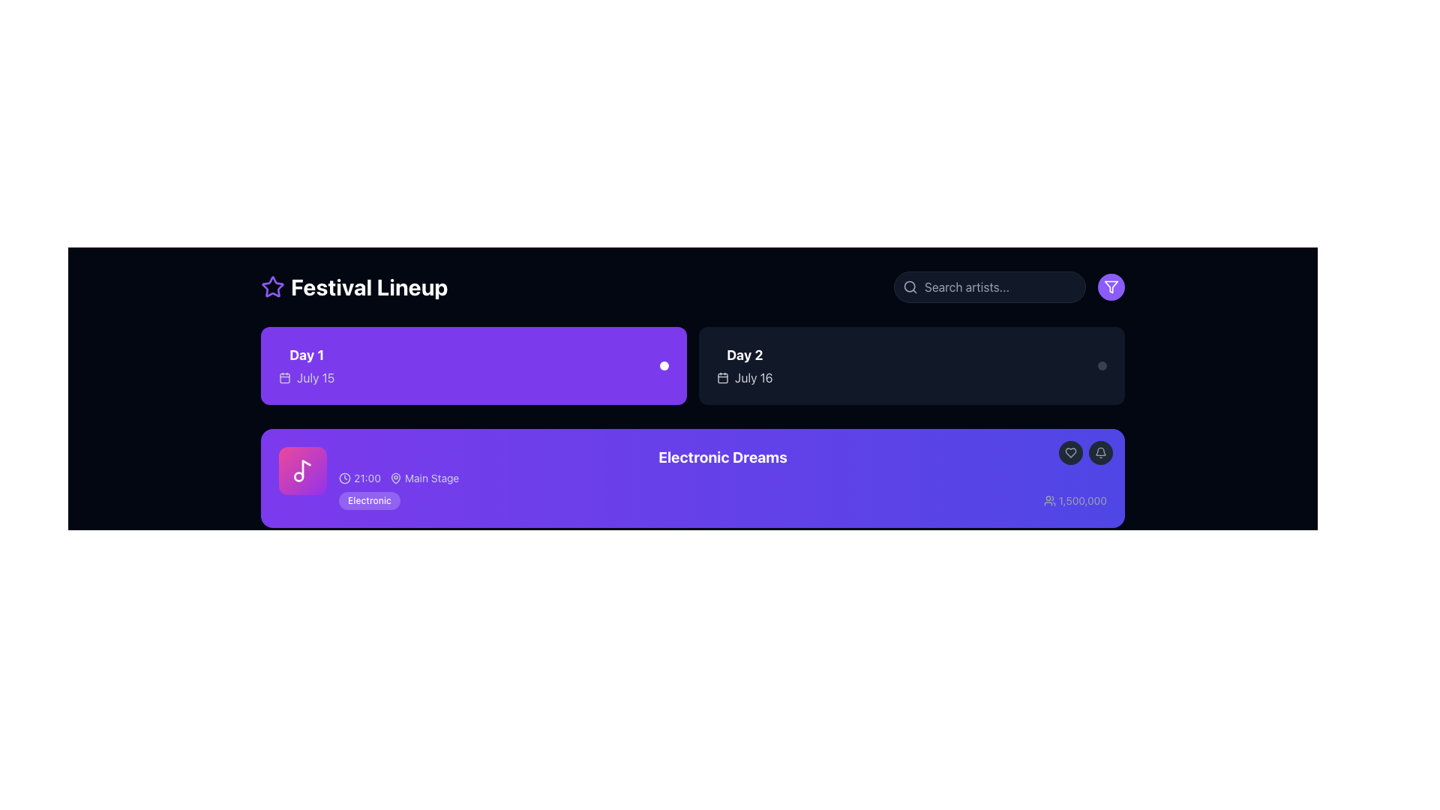 The height and width of the screenshot is (810, 1440). I want to click on the Clickable Card for 'Day 2' events on July 16, located in the upper right section of the interface, so click(910, 366).